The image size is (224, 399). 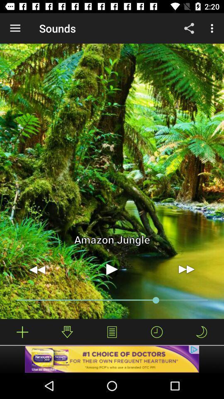 What do you see at coordinates (189, 28) in the screenshot?
I see `the icon share` at bounding box center [189, 28].